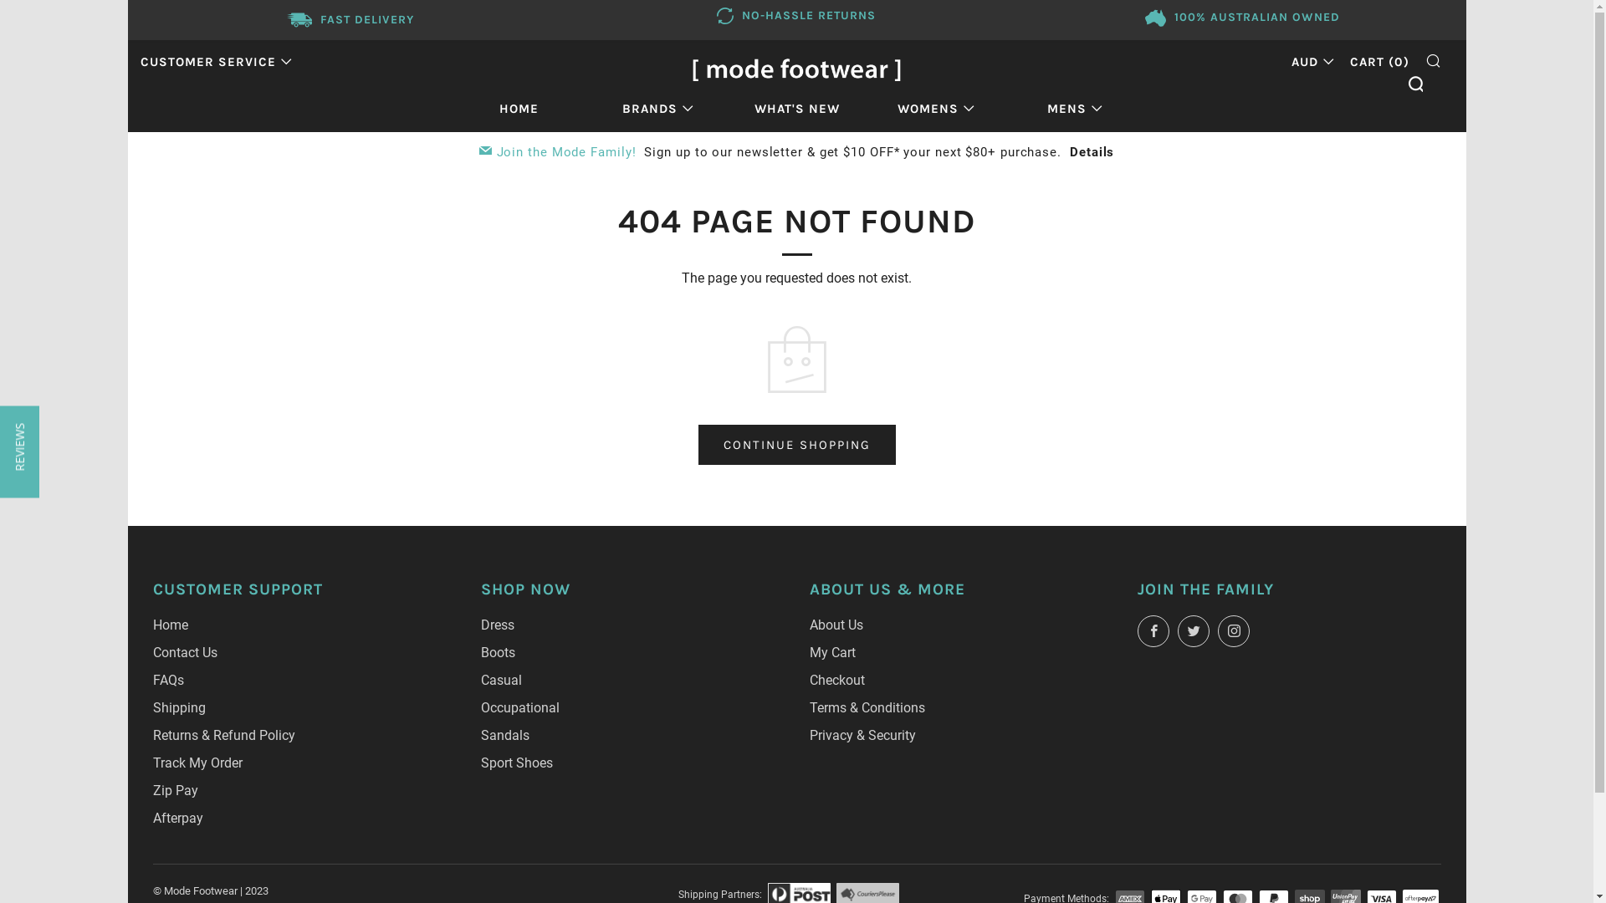  What do you see at coordinates (837, 680) in the screenshot?
I see `'Checkout'` at bounding box center [837, 680].